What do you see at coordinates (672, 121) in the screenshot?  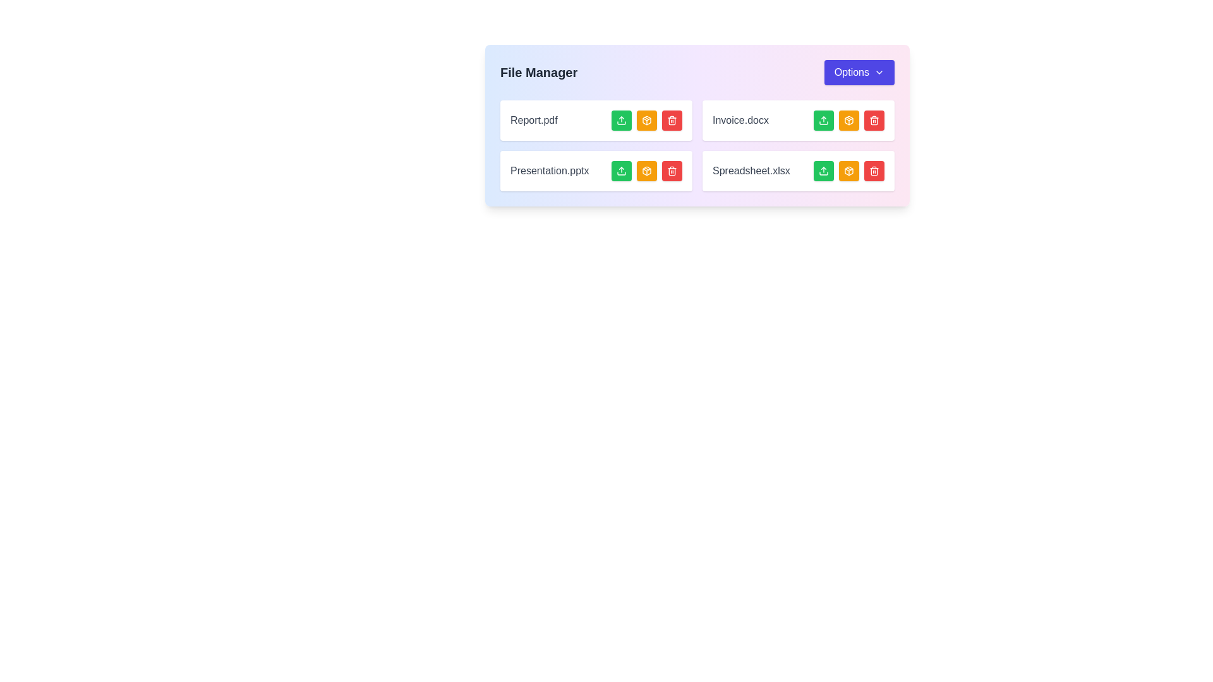 I see `the delete icon button located on the rightmost side of the button group next to the file name` at bounding box center [672, 121].